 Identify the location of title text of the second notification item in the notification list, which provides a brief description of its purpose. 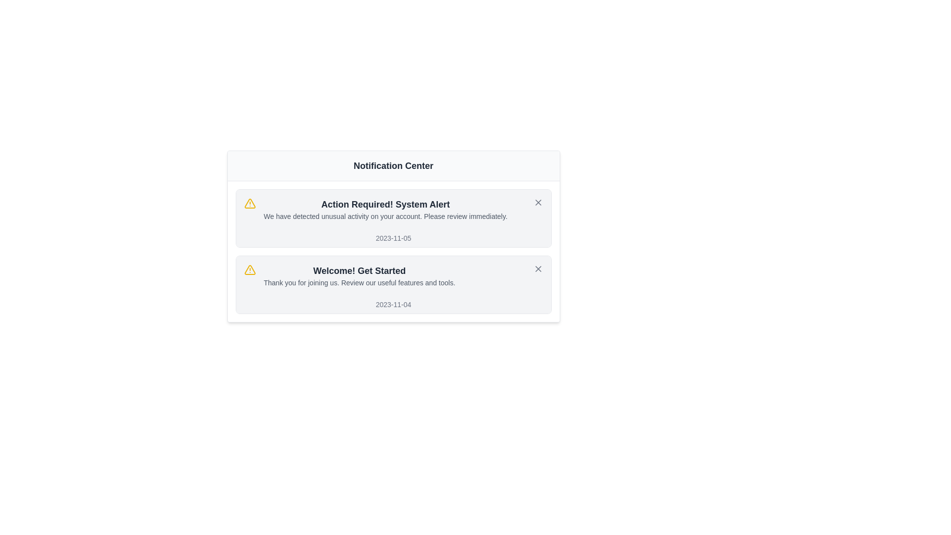
(359, 271).